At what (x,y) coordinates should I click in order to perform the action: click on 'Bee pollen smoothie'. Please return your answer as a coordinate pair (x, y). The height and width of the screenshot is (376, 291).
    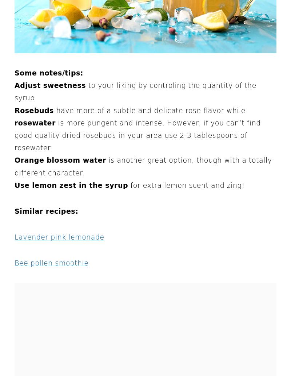
    Looking at the image, I should click on (51, 263).